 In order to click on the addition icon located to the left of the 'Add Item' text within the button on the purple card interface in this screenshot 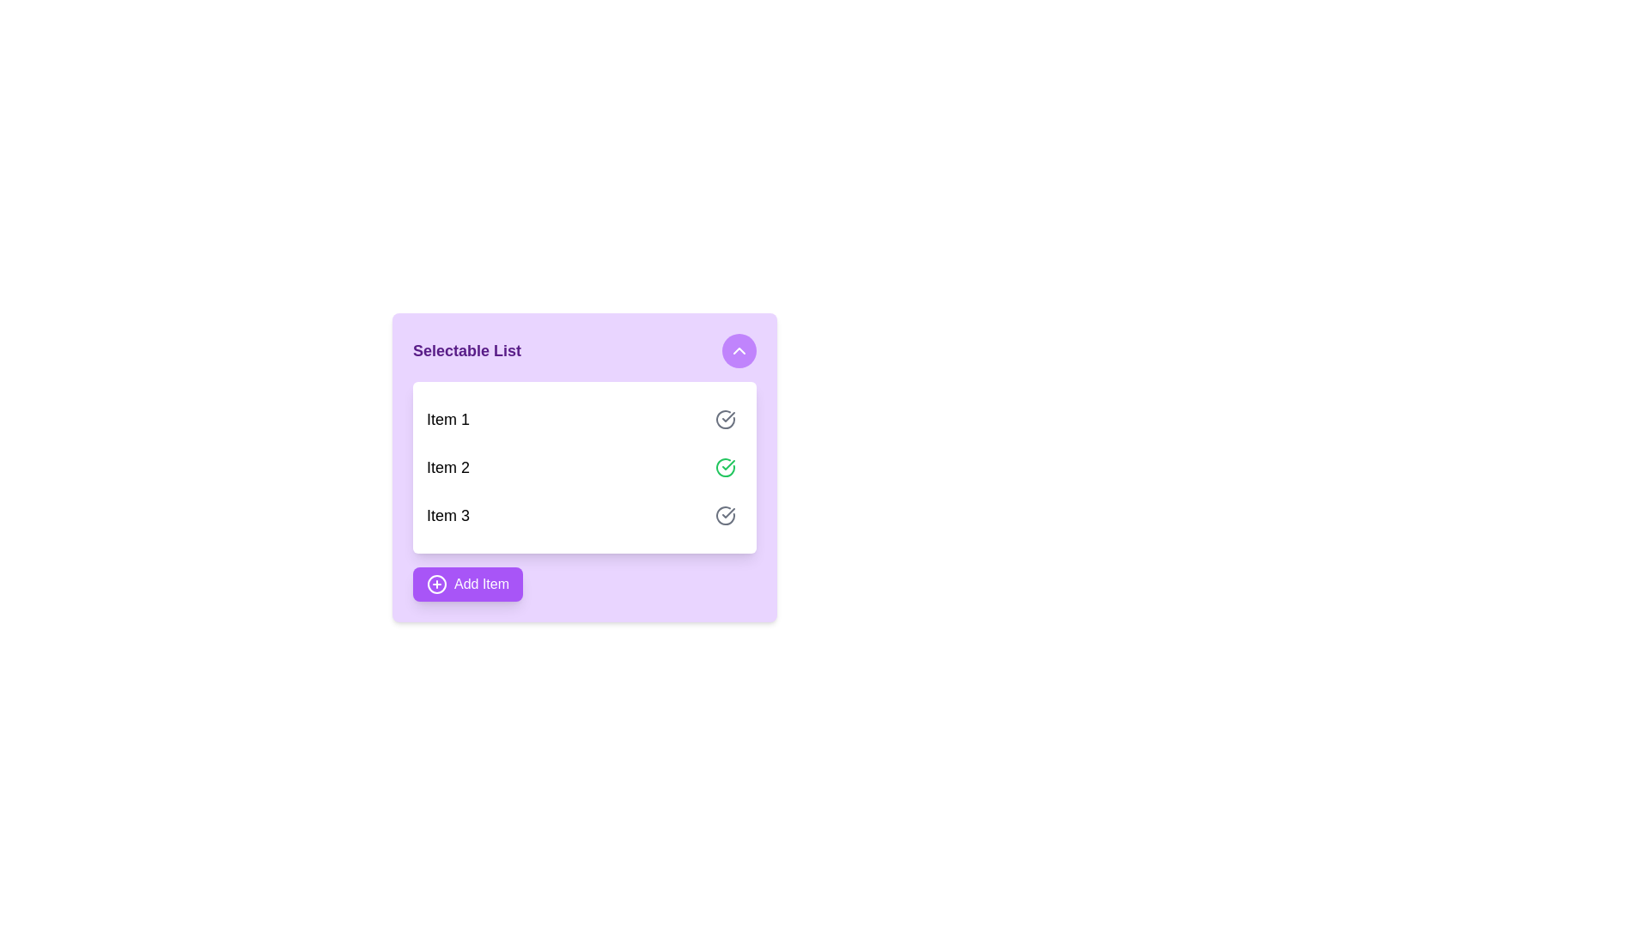, I will do `click(436, 584)`.